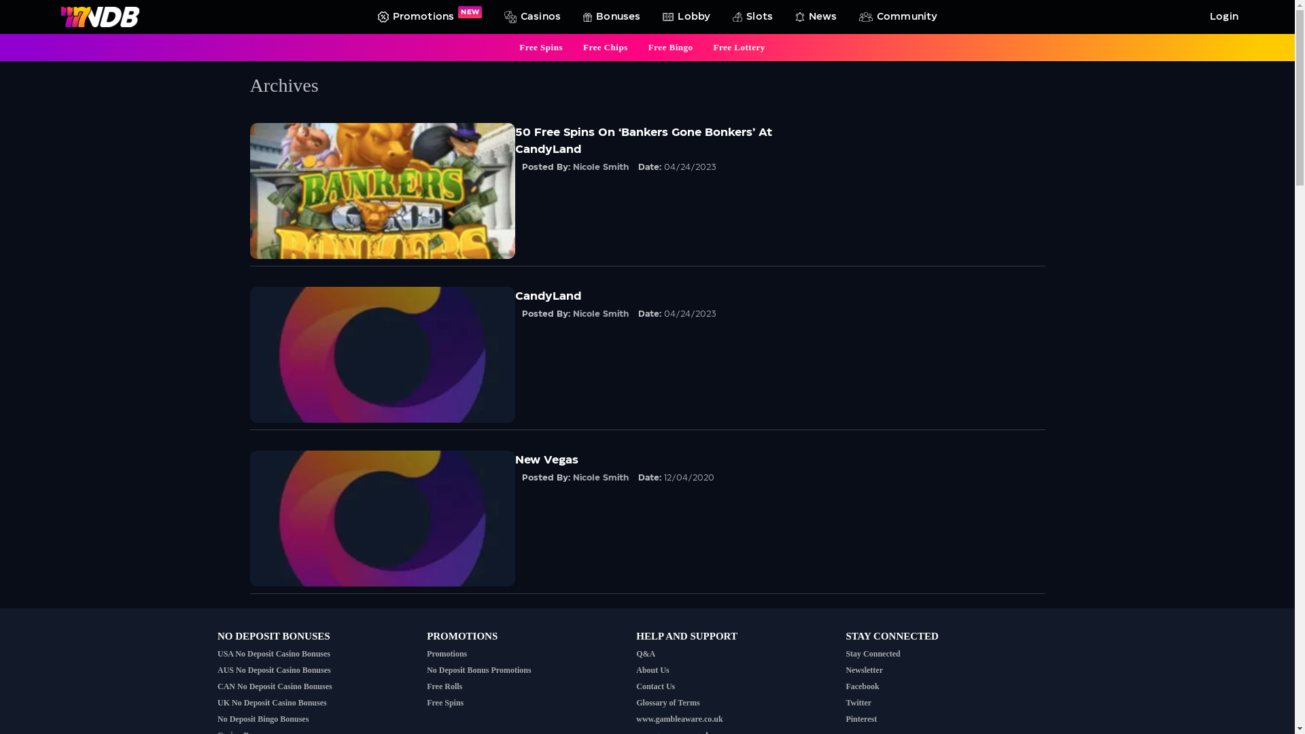 This screenshot has width=1305, height=734. I want to click on 'No Deposit Bonus Promotions', so click(478, 669).